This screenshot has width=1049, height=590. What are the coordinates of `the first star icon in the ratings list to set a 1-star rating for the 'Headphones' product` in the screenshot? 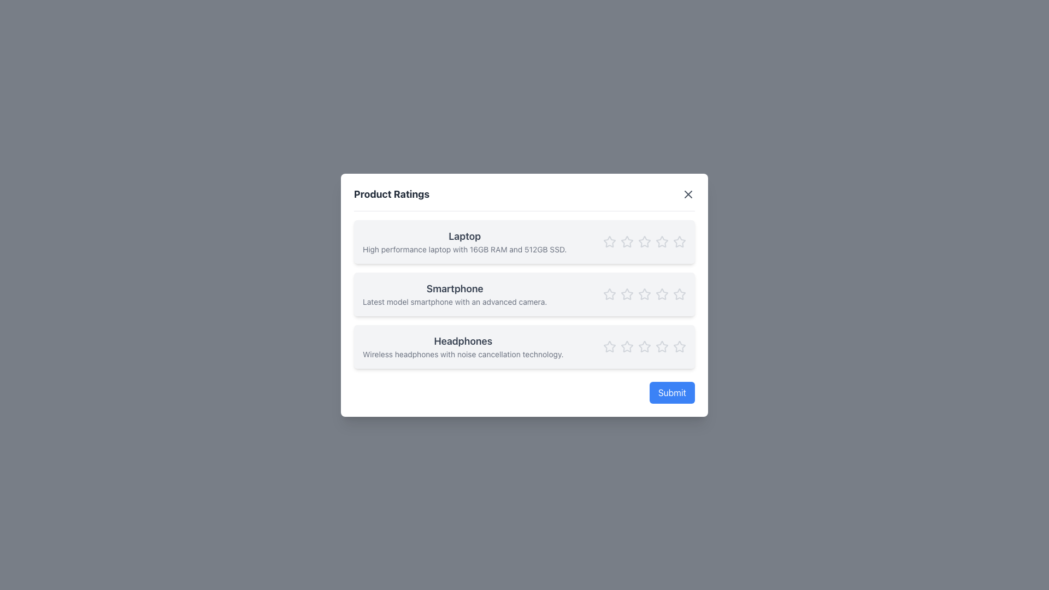 It's located at (608, 346).